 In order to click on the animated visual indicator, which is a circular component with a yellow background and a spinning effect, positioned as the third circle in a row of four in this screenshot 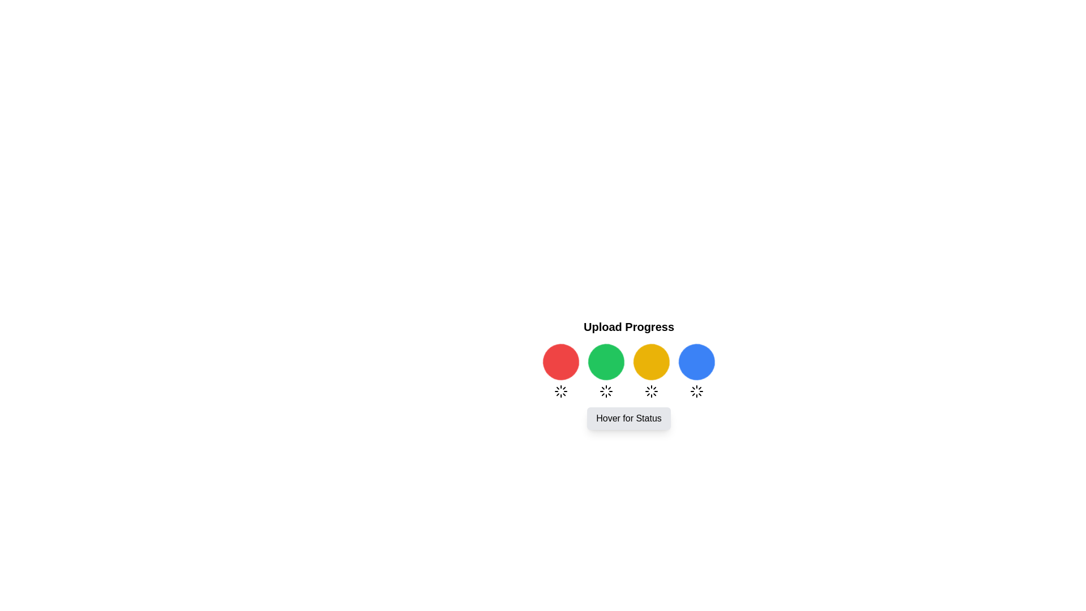, I will do `click(652, 362)`.